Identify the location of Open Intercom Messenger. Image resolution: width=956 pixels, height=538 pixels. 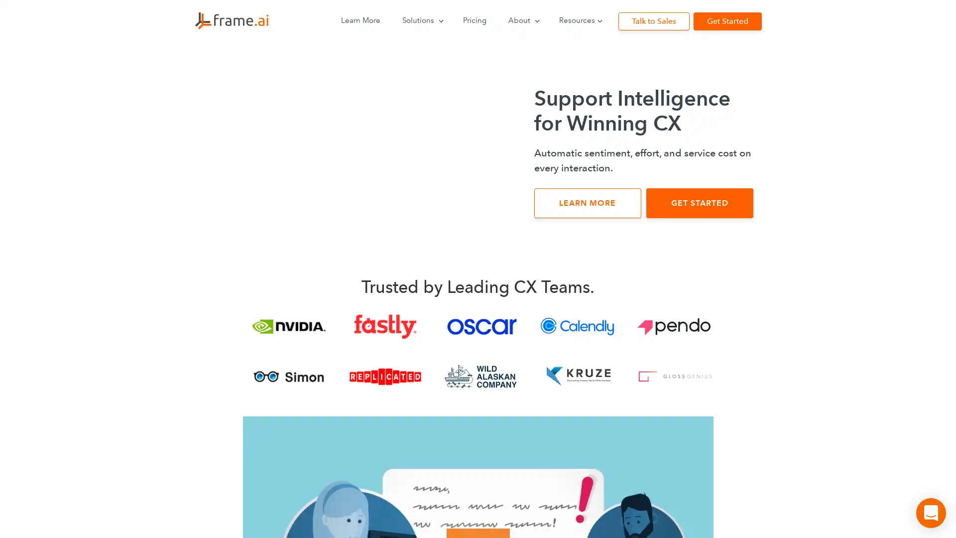
(931, 513).